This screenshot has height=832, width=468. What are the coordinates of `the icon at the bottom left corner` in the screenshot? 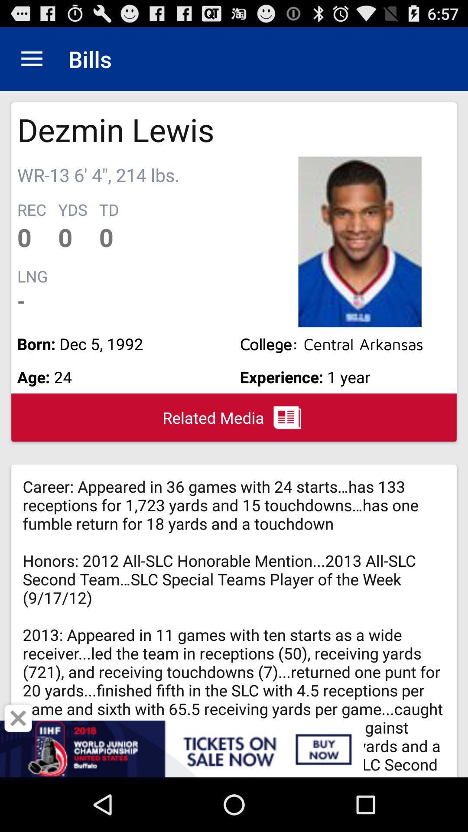 It's located at (18, 718).